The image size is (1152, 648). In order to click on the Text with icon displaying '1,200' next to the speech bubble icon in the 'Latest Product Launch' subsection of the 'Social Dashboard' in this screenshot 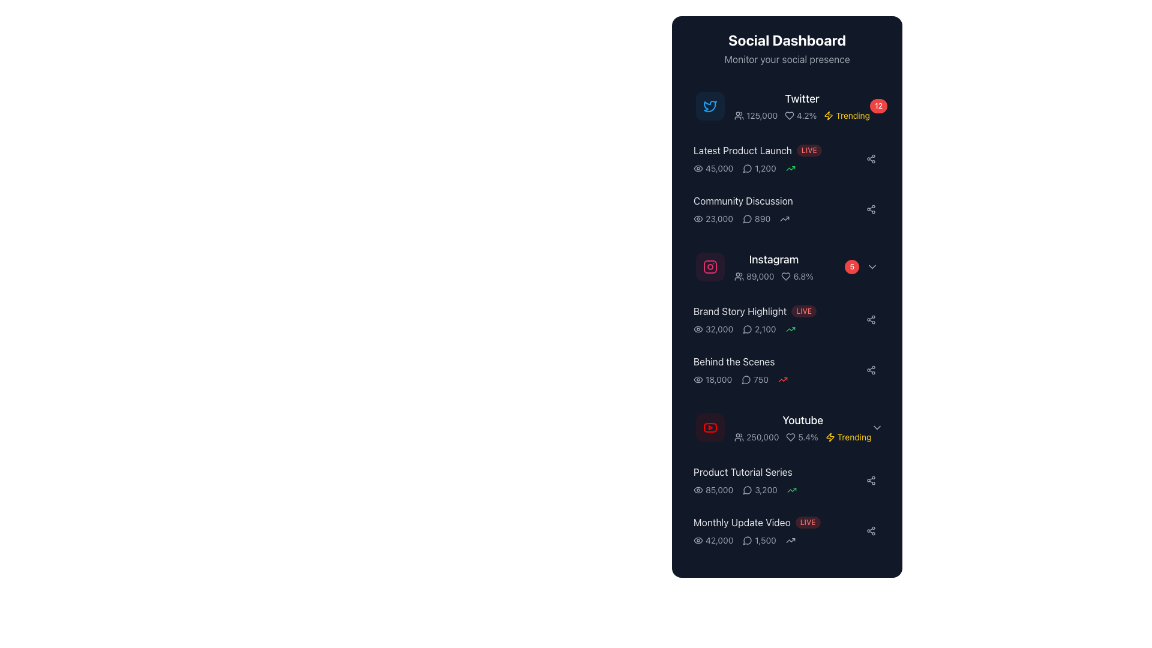, I will do `click(759, 169)`.